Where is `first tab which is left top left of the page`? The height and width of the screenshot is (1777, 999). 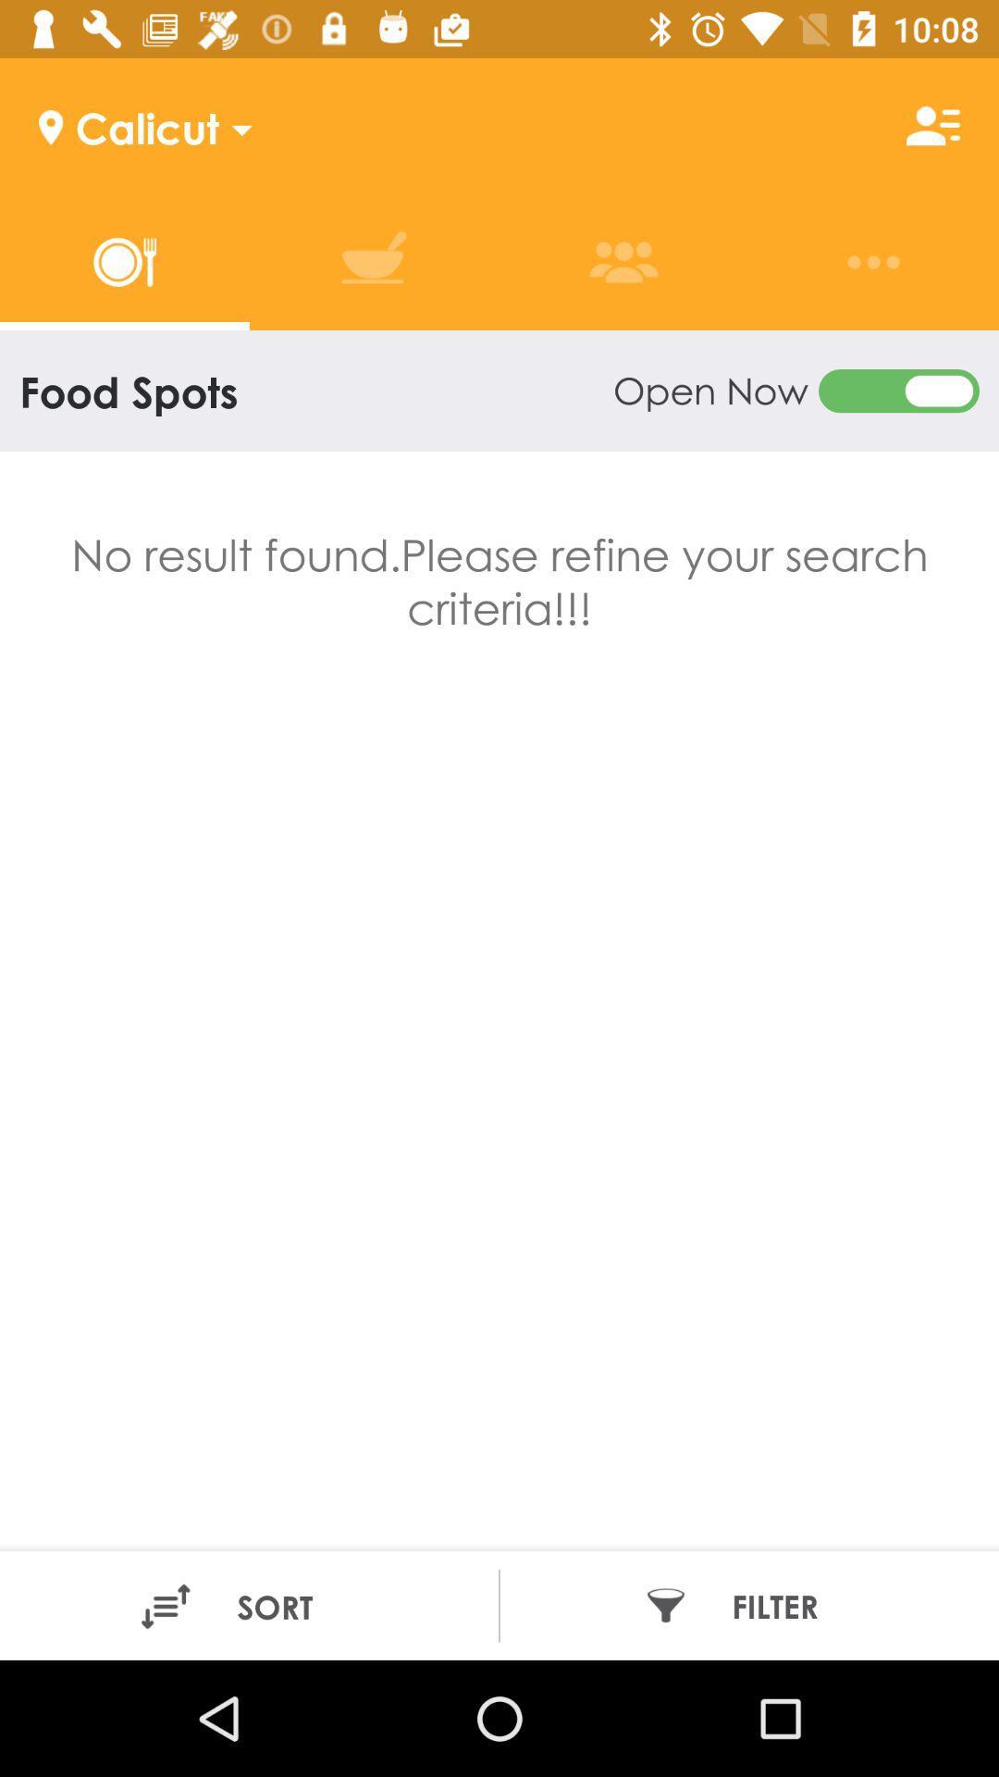
first tab which is left top left of the page is located at coordinates (124, 261).